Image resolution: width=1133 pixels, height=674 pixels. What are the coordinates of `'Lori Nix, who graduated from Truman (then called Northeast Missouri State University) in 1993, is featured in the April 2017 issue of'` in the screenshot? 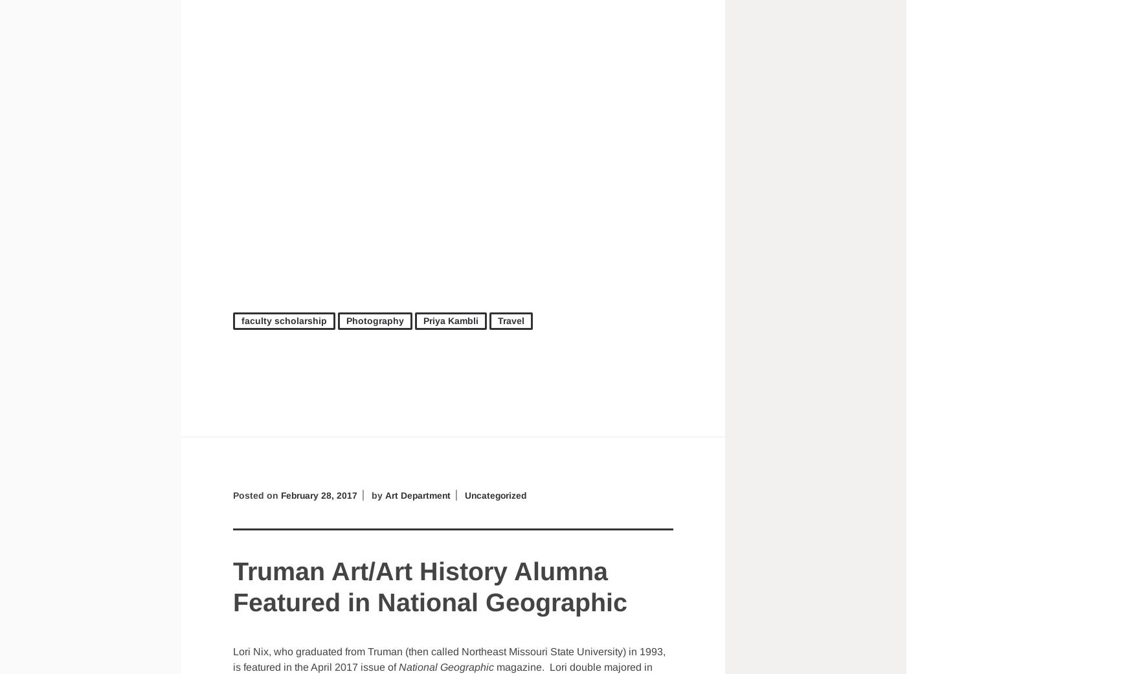 It's located at (449, 659).